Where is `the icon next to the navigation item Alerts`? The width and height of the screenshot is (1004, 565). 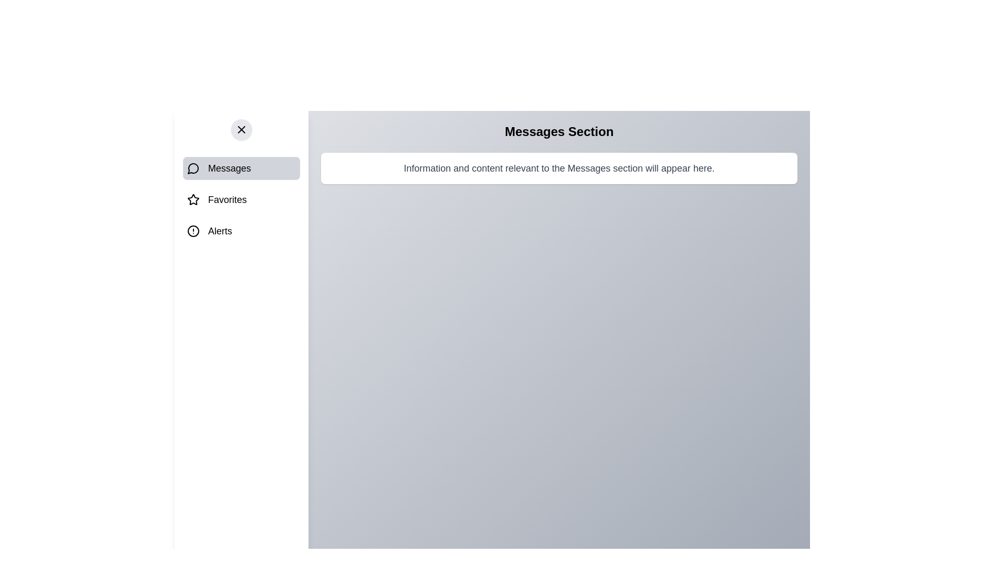 the icon next to the navigation item Alerts is located at coordinates (193, 231).